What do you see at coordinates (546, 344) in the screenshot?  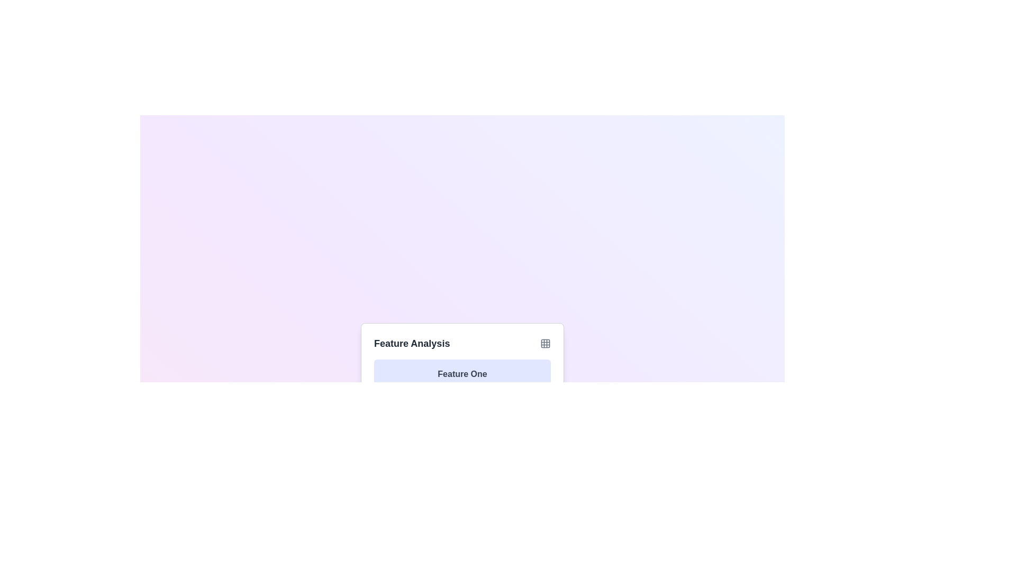 I see `the grid layout toggle icon located in the top-right corner of the 'Feature Analysis' section` at bounding box center [546, 344].